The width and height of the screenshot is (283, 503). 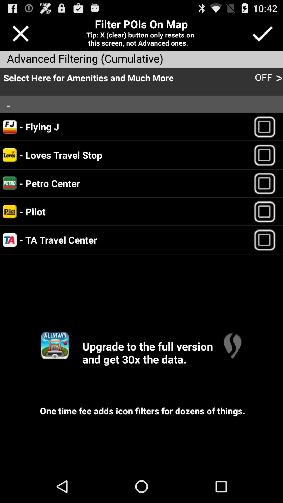 What do you see at coordinates (20, 33) in the screenshot?
I see `exit out` at bounding box center [20, 33].